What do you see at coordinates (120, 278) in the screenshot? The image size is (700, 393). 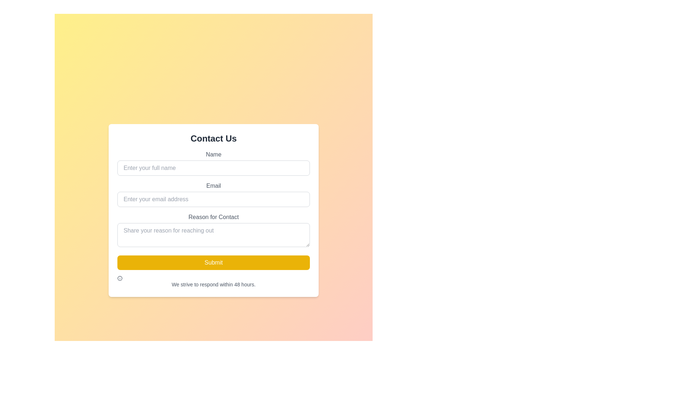 I see `the information icon located to the left of the text 'We strive to respond within 48 hours.'` at bounding box center [120, 278].